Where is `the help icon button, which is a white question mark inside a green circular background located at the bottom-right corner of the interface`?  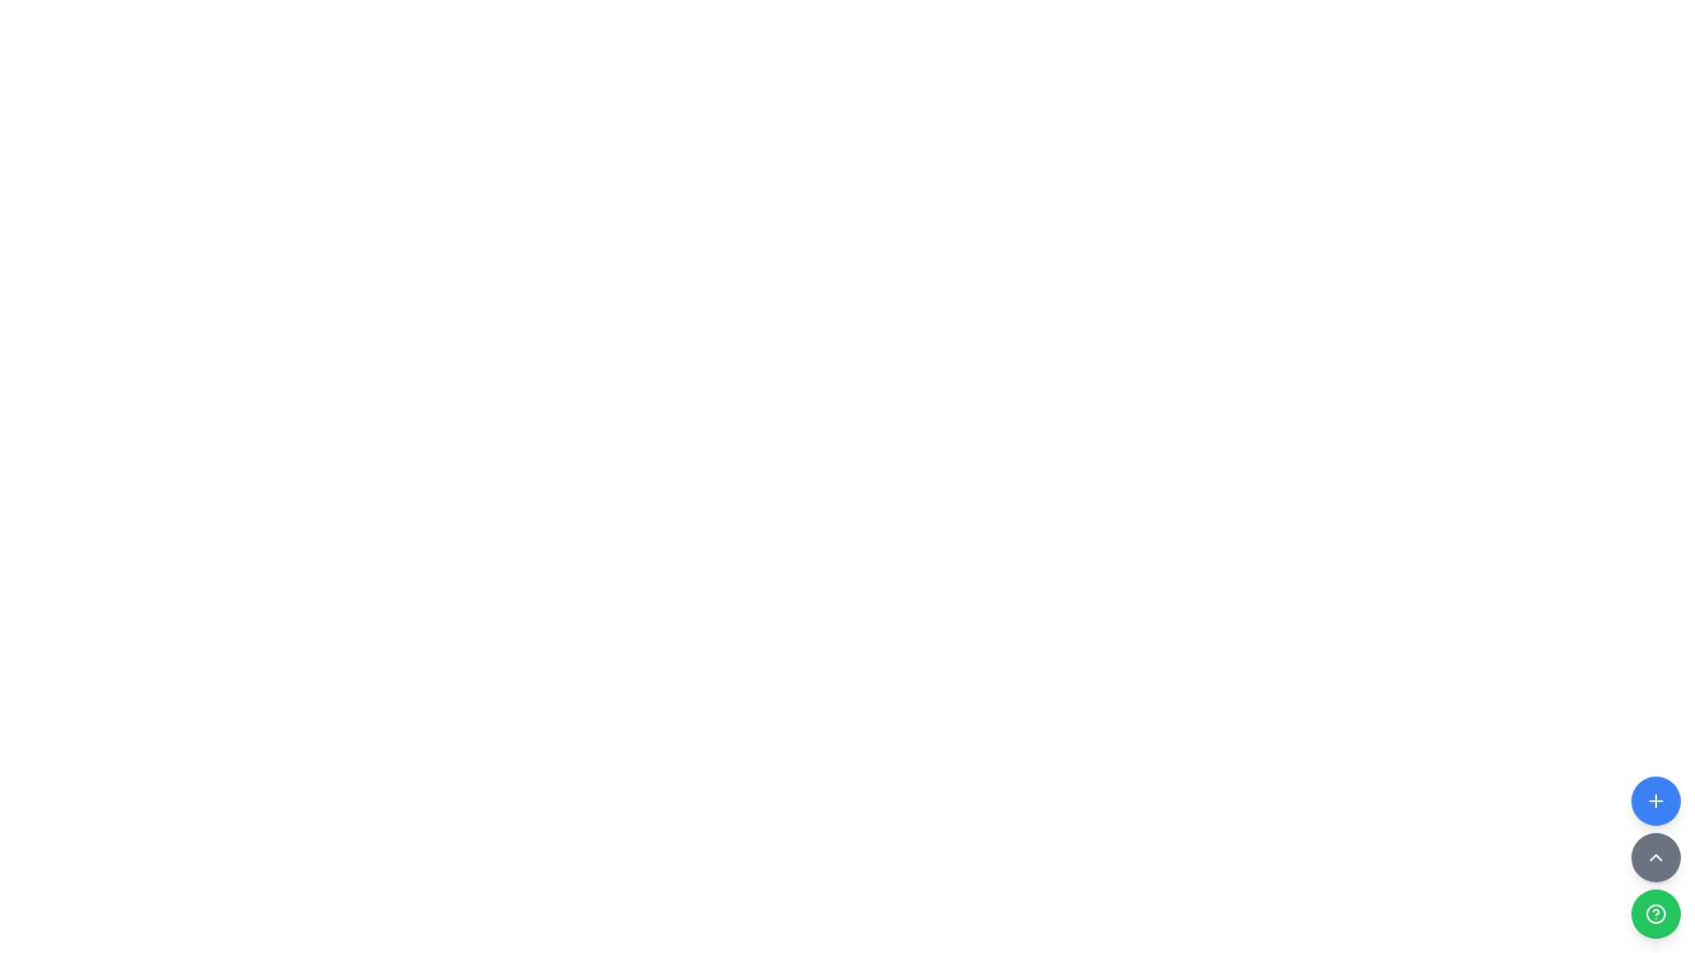
the help icon button, which is a white question mark inside a green circular background located at the bottom-right corner of the interface is located at coordinates (1655, 913).